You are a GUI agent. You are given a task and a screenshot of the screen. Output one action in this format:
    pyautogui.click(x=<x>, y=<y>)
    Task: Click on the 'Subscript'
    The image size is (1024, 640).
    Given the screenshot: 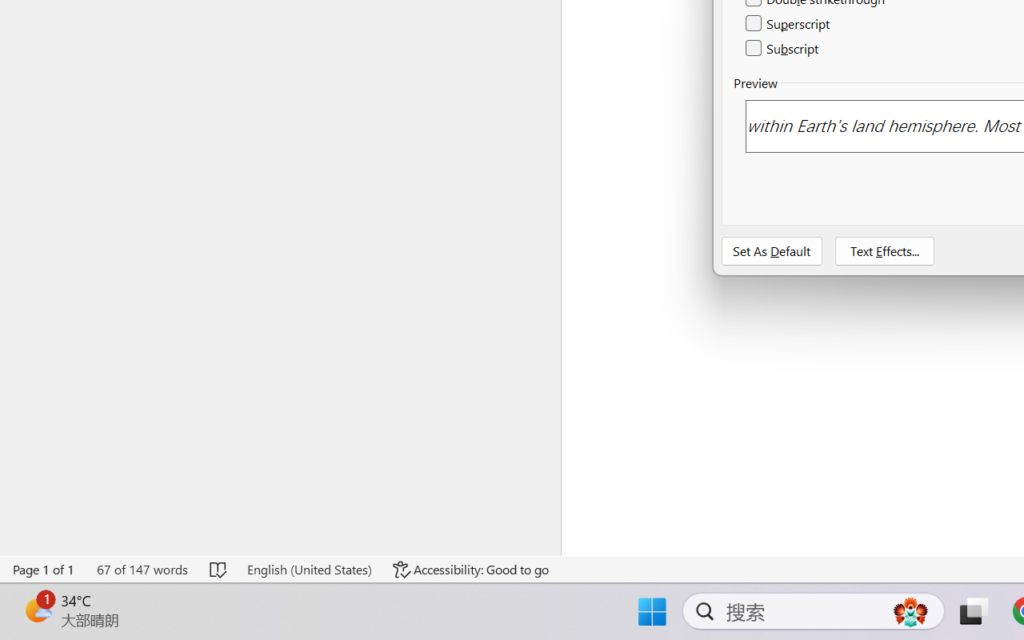 What is the action you would take?
    pyautogui.click(x=783, y=47)
    